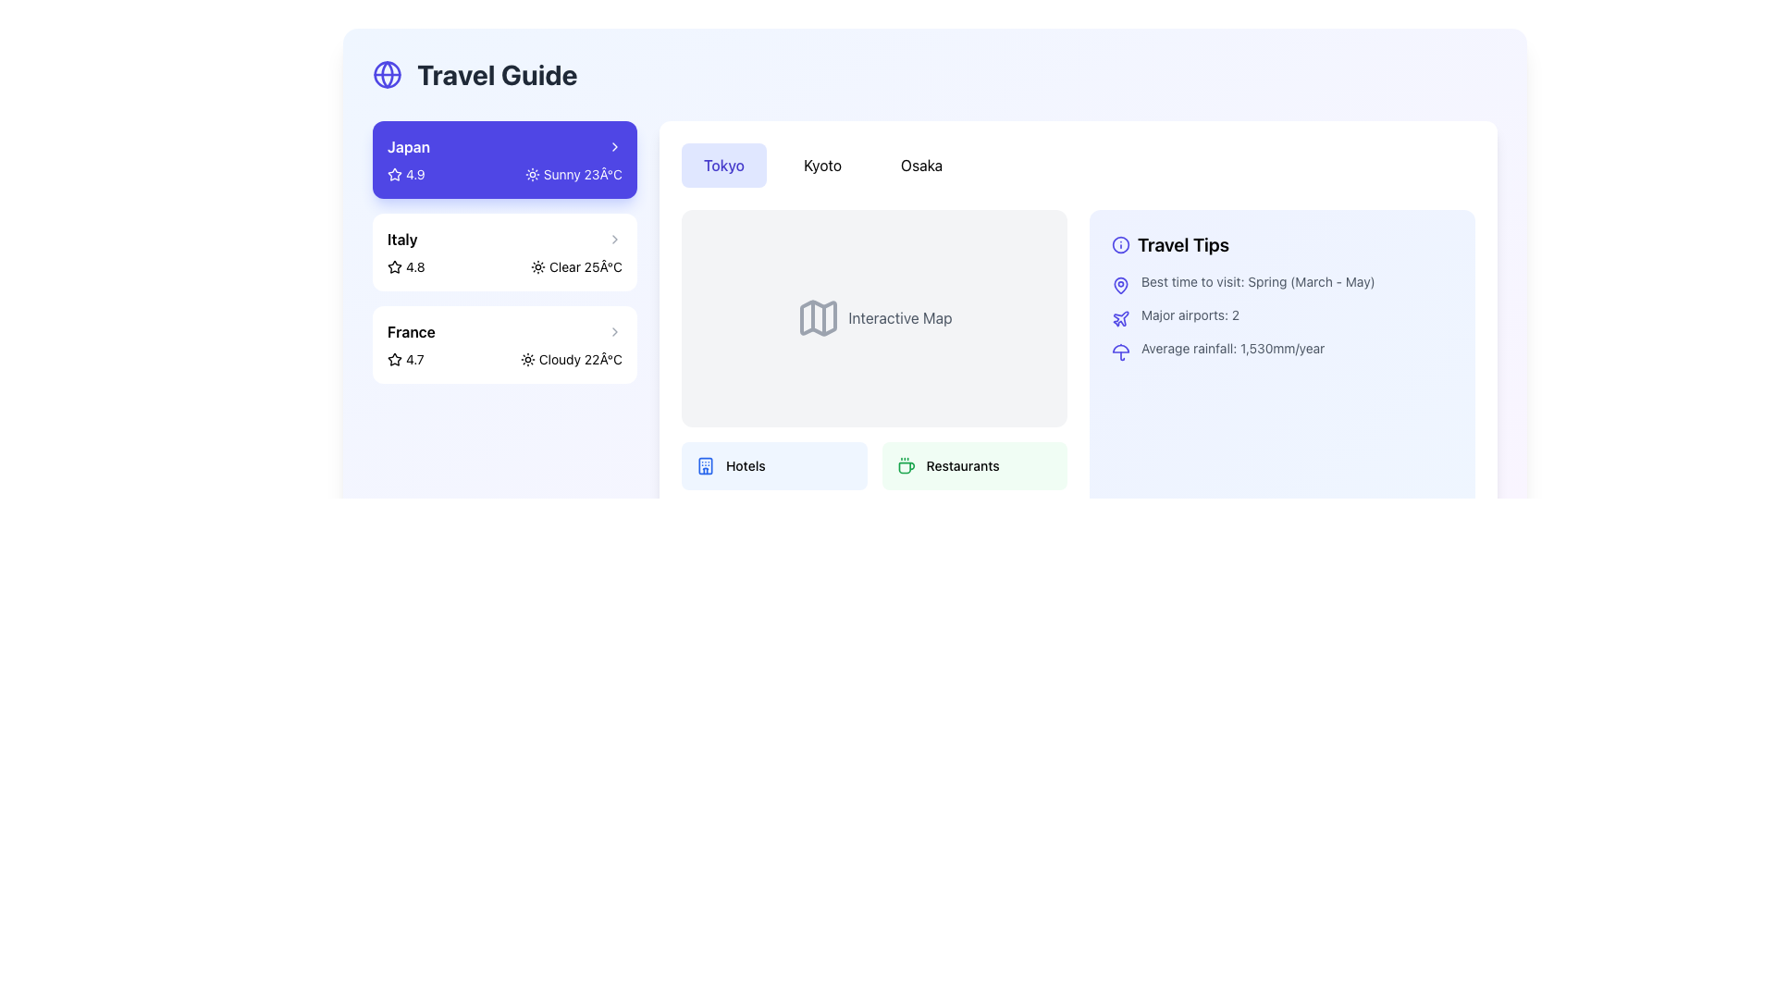  Describe the element at coordinates (722, 164) in the screenshot. I see `the navigation tab button labeled 'Tokyo' located in the top-center area above the 'Interactive Map'` at that location.